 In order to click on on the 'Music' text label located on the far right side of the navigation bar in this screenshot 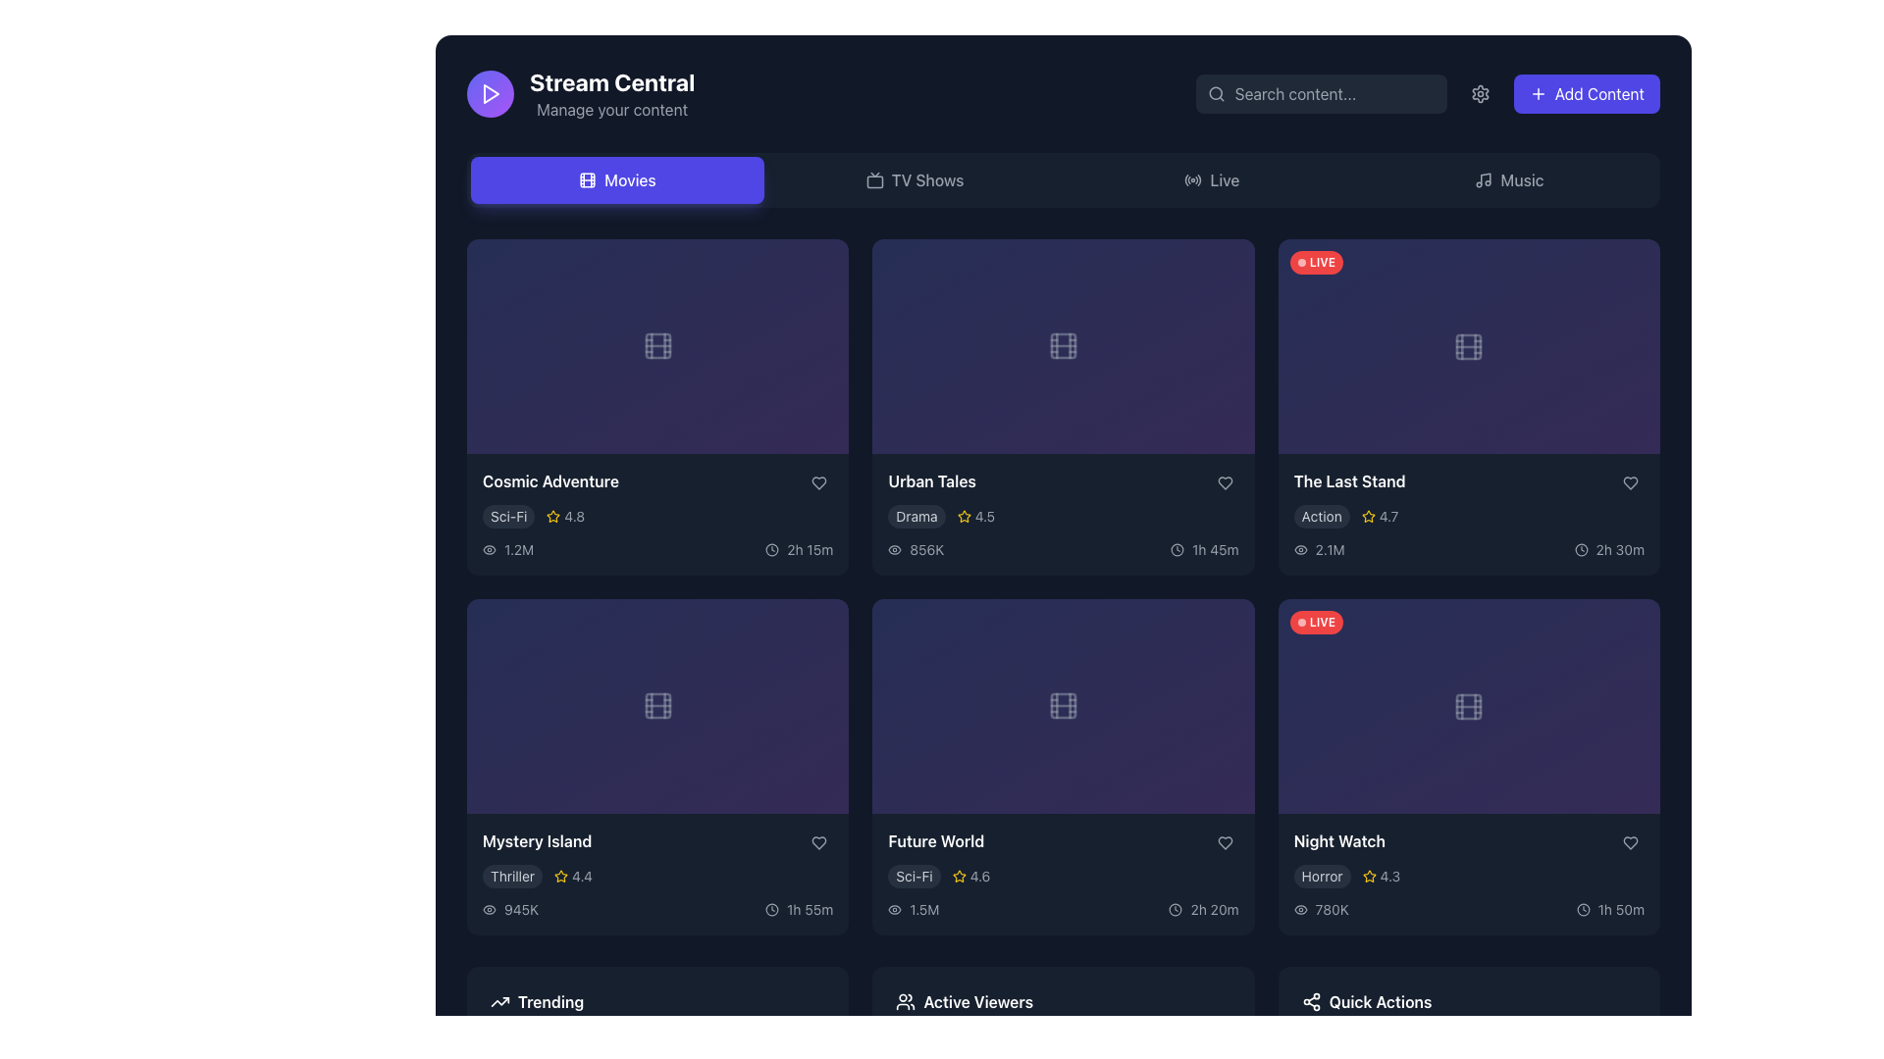, I will do `click(1521, 180)`.